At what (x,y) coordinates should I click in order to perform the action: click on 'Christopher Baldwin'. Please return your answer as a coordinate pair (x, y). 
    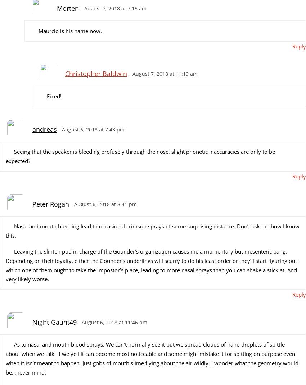
    Looking at the image, I should click on (95, 73).